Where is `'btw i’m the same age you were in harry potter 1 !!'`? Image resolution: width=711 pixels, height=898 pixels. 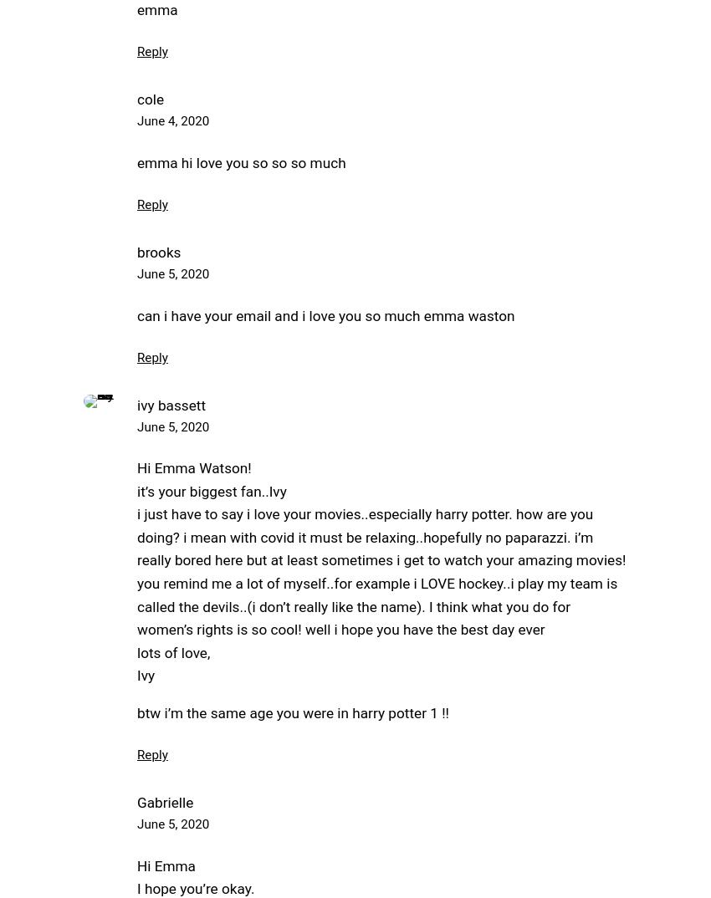 'btw i’m the same age you were in harry potter 1 !!' is located at coordinates (292, 712).